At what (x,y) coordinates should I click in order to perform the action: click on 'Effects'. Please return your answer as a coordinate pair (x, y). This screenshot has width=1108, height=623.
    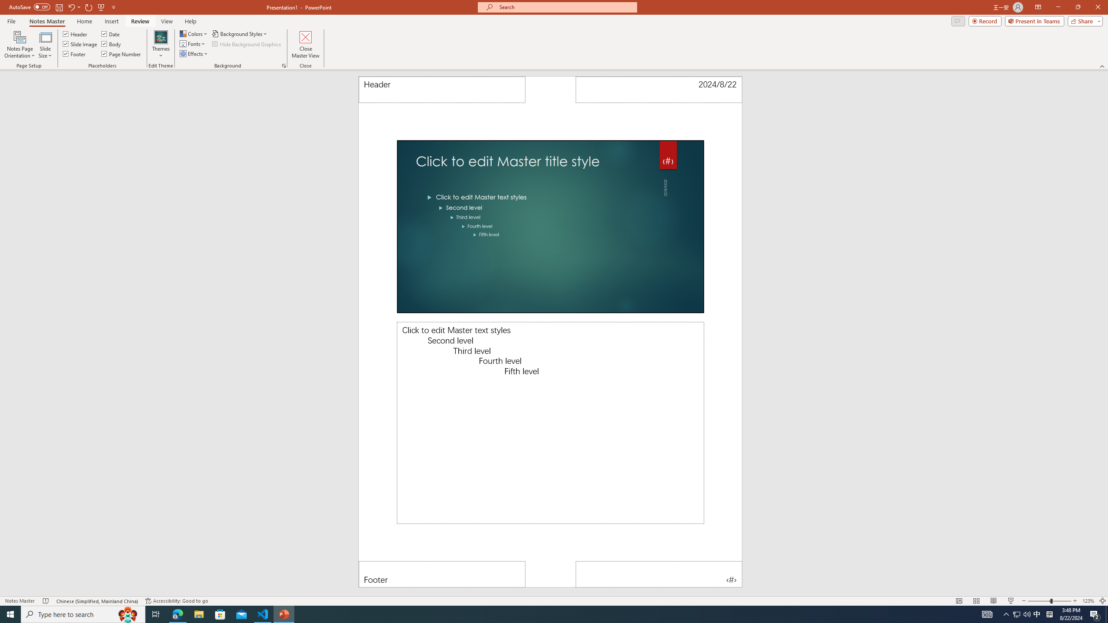
    Looking at the image, I should click on (194, 53).